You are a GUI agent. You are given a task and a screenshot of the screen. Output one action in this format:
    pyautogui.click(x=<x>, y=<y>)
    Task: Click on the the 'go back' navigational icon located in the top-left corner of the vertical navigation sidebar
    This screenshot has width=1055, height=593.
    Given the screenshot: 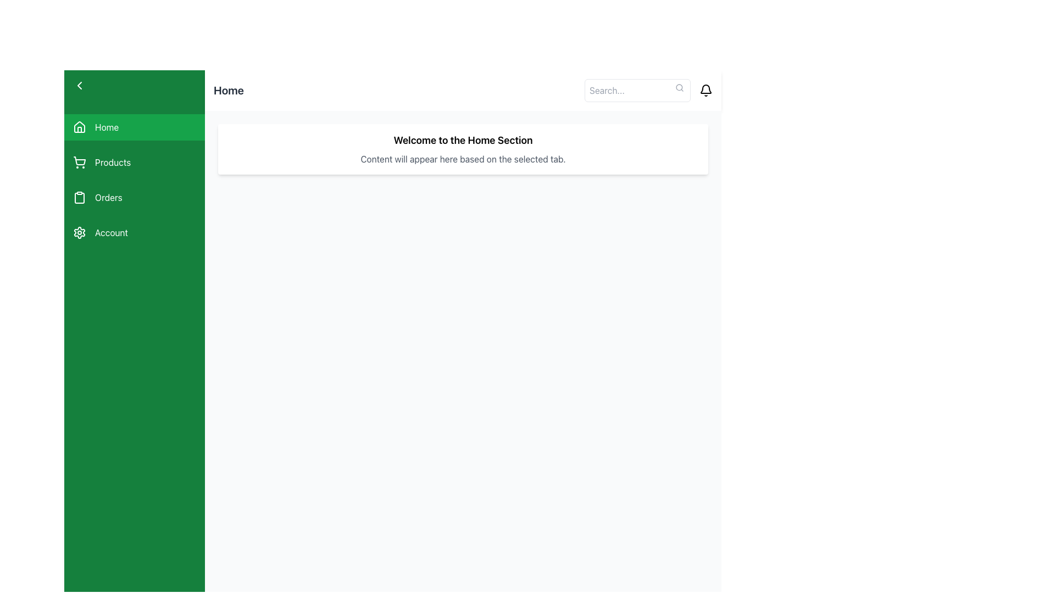 What is the action you would take?
    pyautogui.click(x=79, y=85)
    